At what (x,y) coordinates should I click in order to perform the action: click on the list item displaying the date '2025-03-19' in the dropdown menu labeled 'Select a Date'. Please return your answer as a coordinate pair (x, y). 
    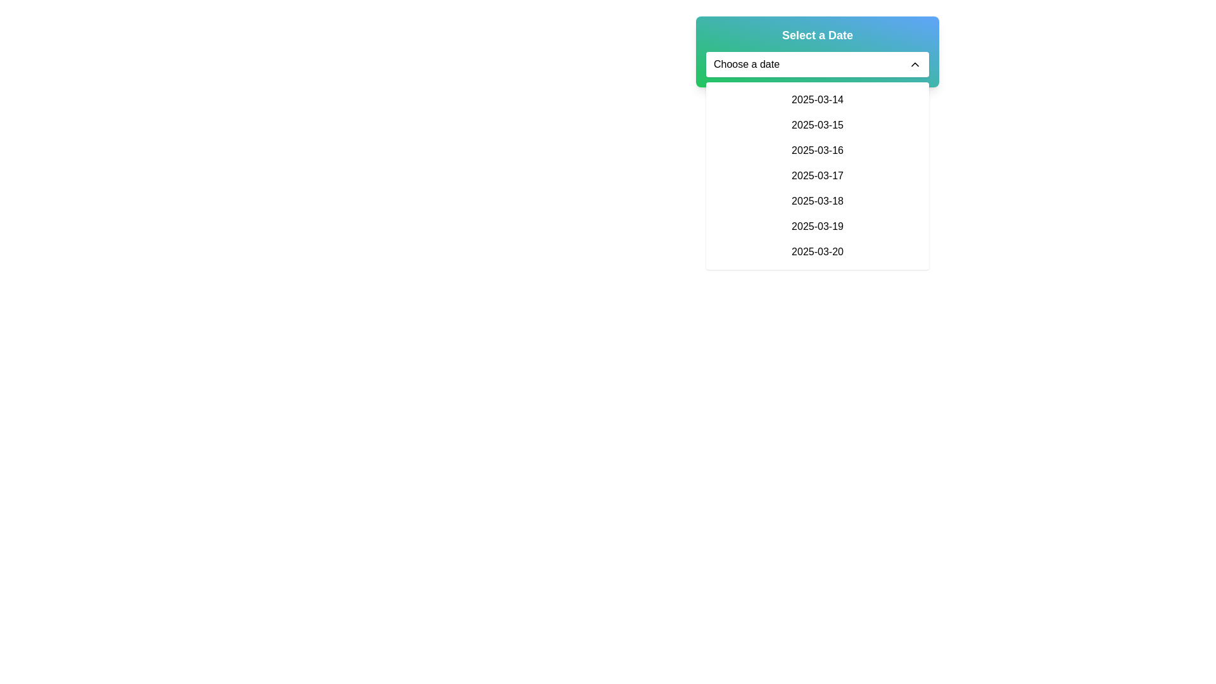
    Looking at the image, I should click on (818, 226).